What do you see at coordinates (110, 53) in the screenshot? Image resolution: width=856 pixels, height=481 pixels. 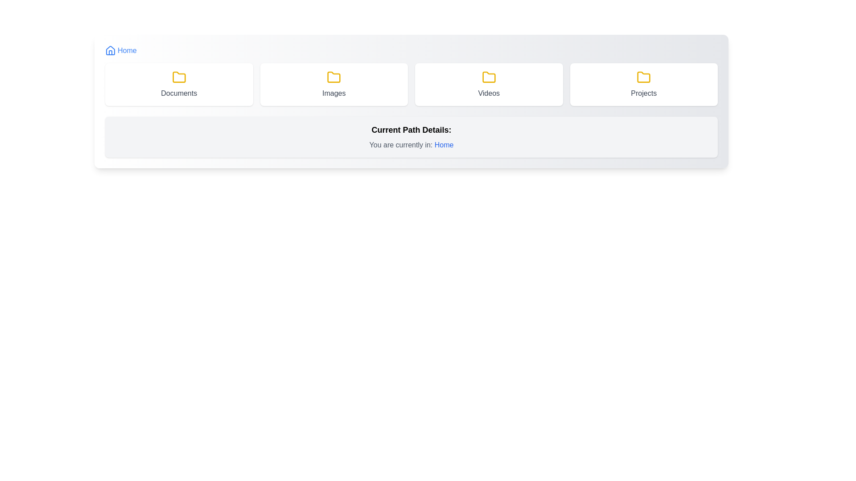 I see `the vertical rectangle representing a door or window within the house-shaped icon, which is part of the navigational link for returning to the homepage` at bounding box center [110, 53].